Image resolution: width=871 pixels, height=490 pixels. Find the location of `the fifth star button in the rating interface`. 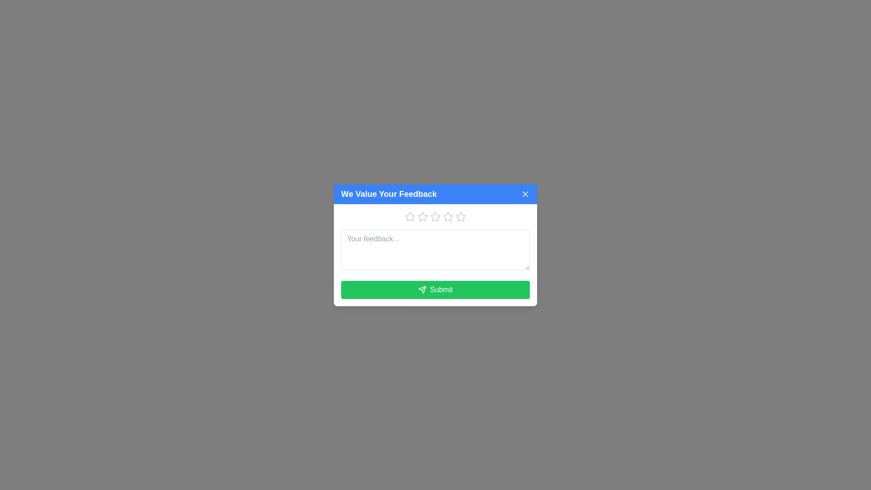

the fifth star button in the rating interface is located at coordinates (435, 216).